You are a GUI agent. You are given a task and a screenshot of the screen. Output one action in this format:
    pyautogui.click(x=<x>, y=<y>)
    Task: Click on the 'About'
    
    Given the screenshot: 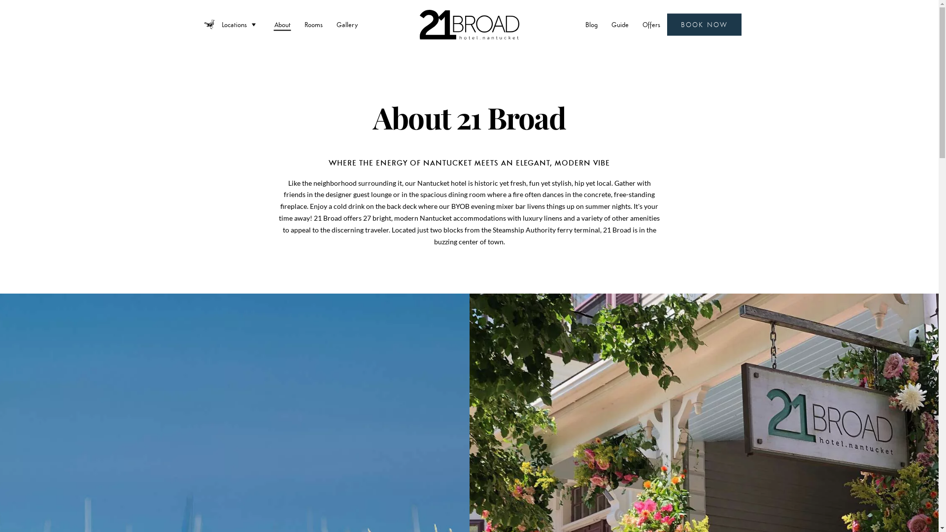 What is the action you would take?
    pyautogui.click(x=282, y=24)
    